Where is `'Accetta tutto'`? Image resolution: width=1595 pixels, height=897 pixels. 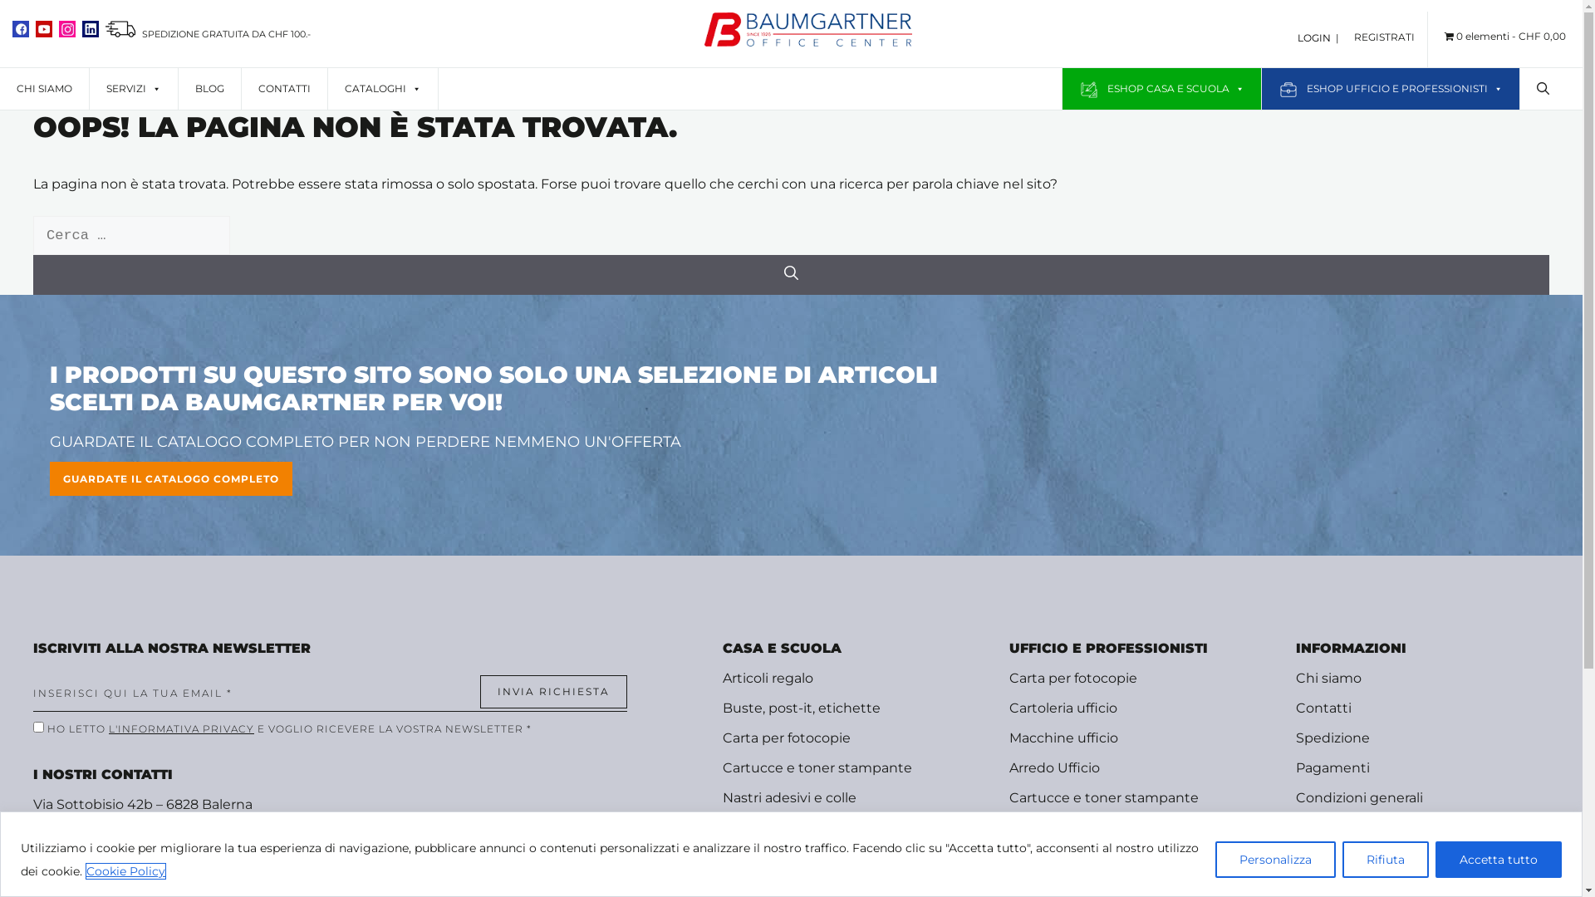 'Accetta tutto' is located at coordinates (1499, 858).